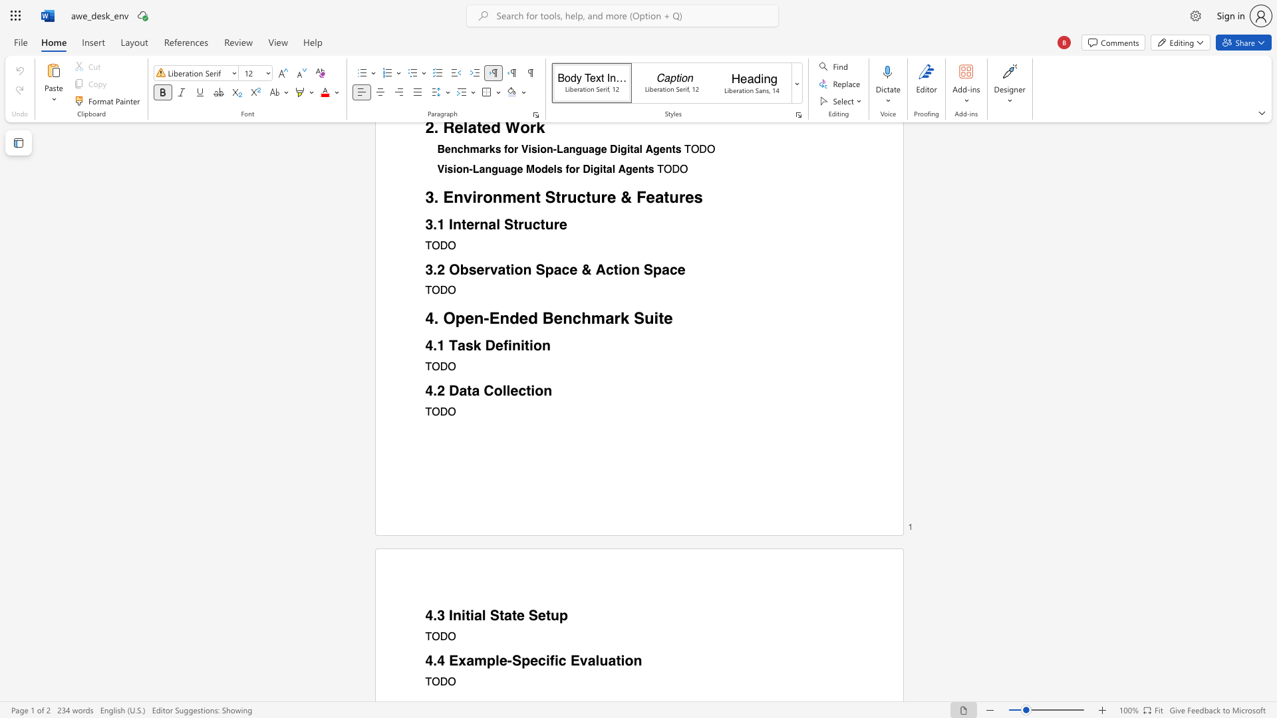  Describe the element at coordinates (468, 616) in the screenshot. I see `the 1th character "t" in the text` at that location.